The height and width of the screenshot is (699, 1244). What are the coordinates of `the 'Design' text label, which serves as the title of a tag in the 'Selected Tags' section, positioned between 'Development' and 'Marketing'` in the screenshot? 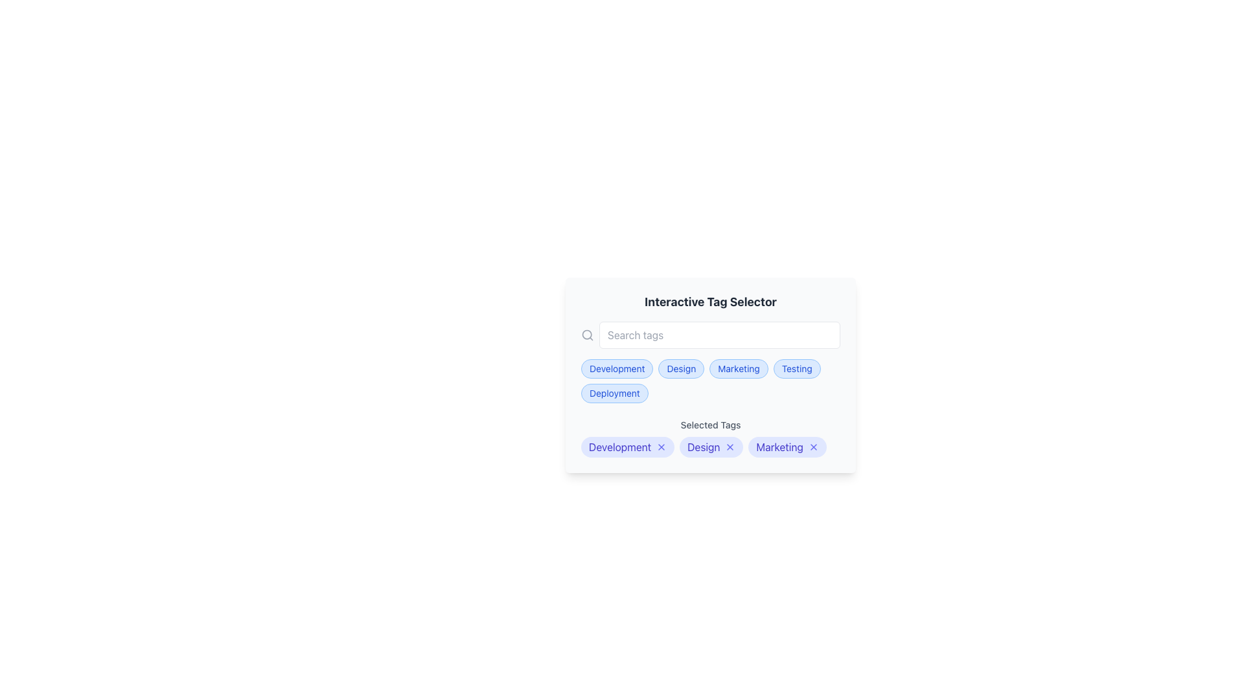 It's located at (703, 446).